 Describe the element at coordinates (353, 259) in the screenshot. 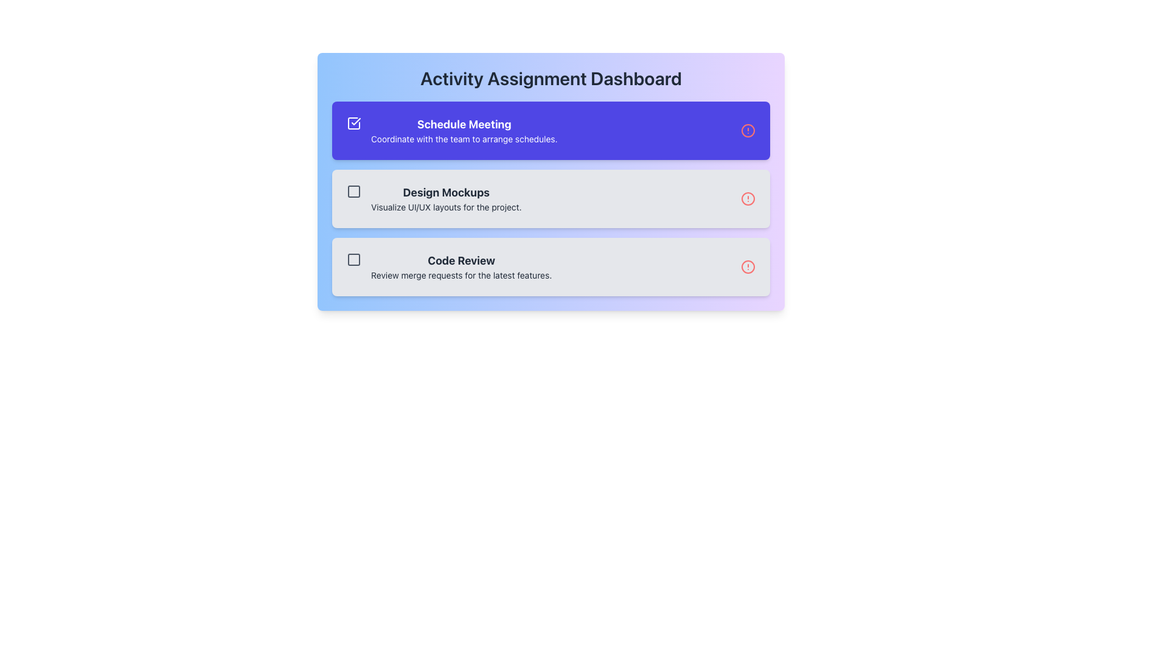

I see `the visual indicator icon located in the middle-left area of the third task item in the 'Code Review' block` at that location.